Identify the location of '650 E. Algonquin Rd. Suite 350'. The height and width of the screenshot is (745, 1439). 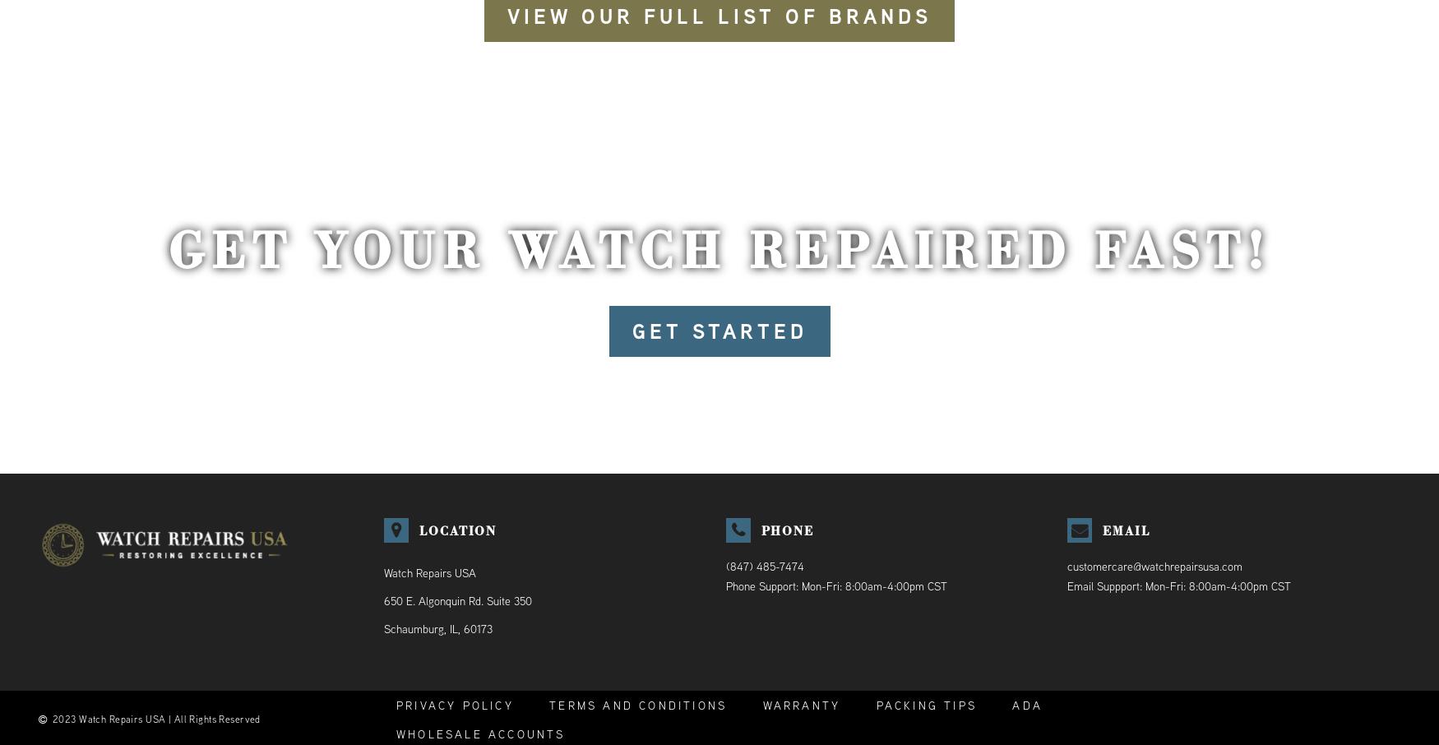
(456, 599).